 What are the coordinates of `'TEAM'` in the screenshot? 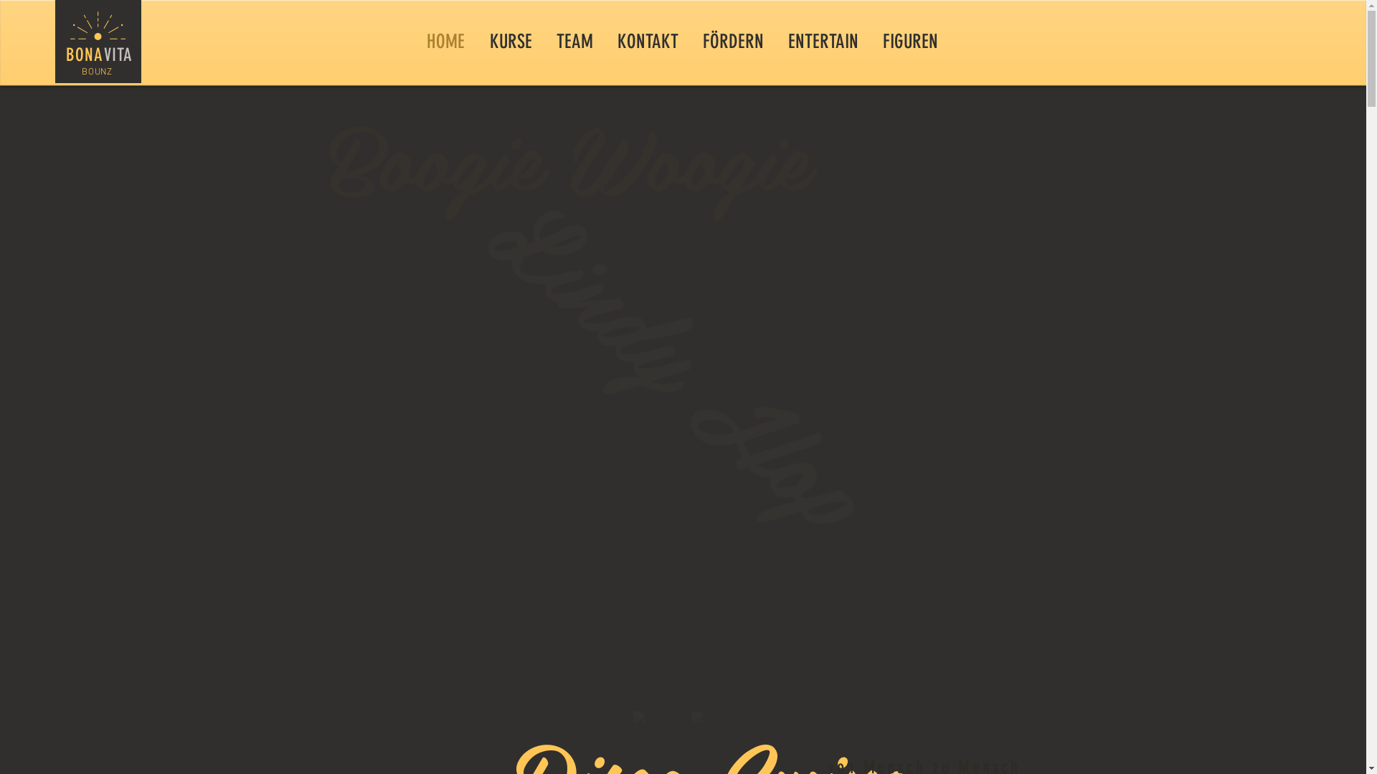 It's located at (574, 40).